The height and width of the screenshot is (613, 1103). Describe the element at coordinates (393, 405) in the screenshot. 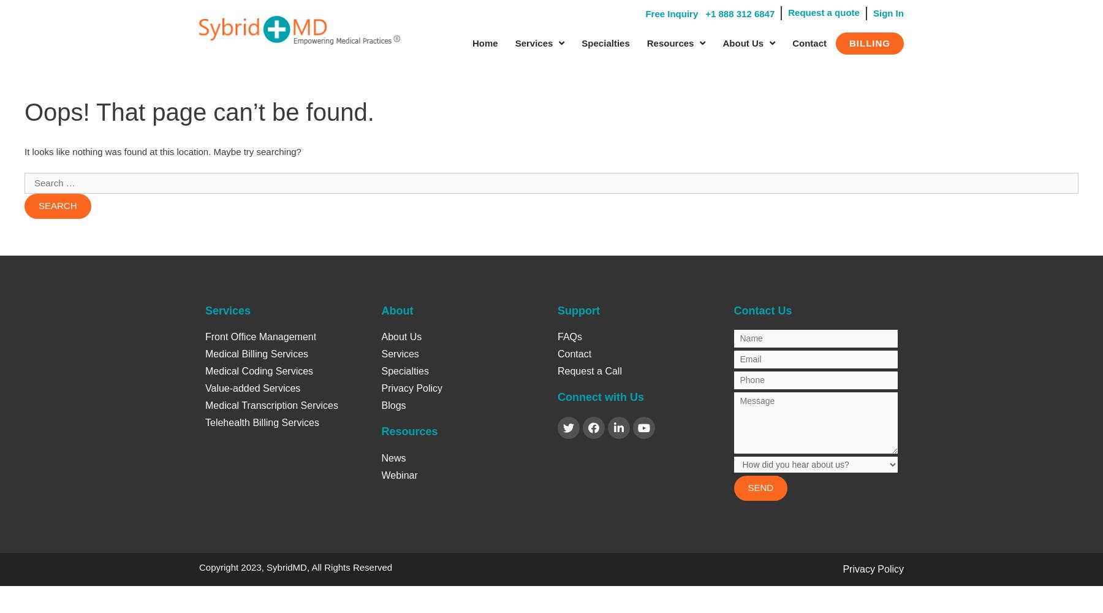

I see `'Blogs'` at that location.